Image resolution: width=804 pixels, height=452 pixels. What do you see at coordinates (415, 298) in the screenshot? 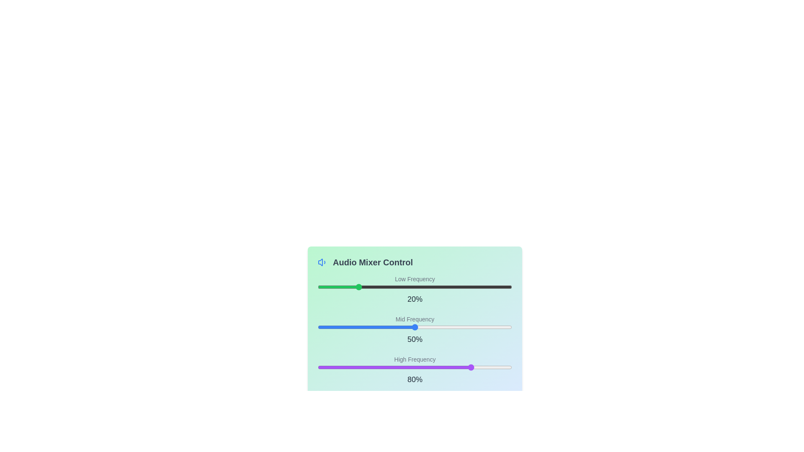
I see `the static text label displaying '20%' located beneath the green slider for the 'Low Frequency' setting` at bounding box center [415, 298].